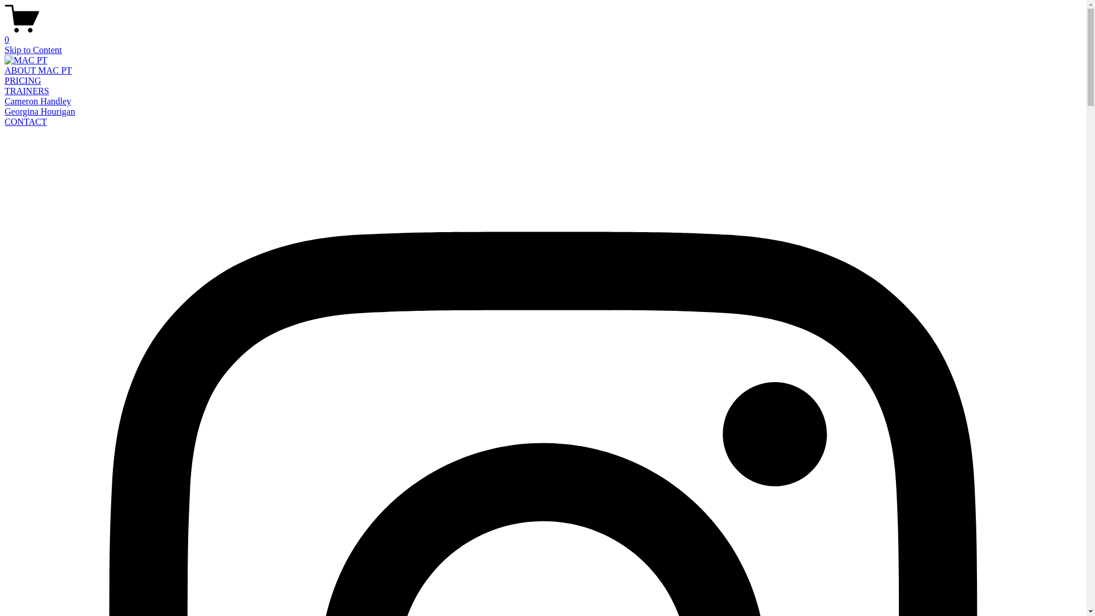 This screenshot has width=1095, height=616. What do you see at coordinates (27, 90) in the screenshot?
I see `'TRAINERS'` at bounding box center [27, 90].